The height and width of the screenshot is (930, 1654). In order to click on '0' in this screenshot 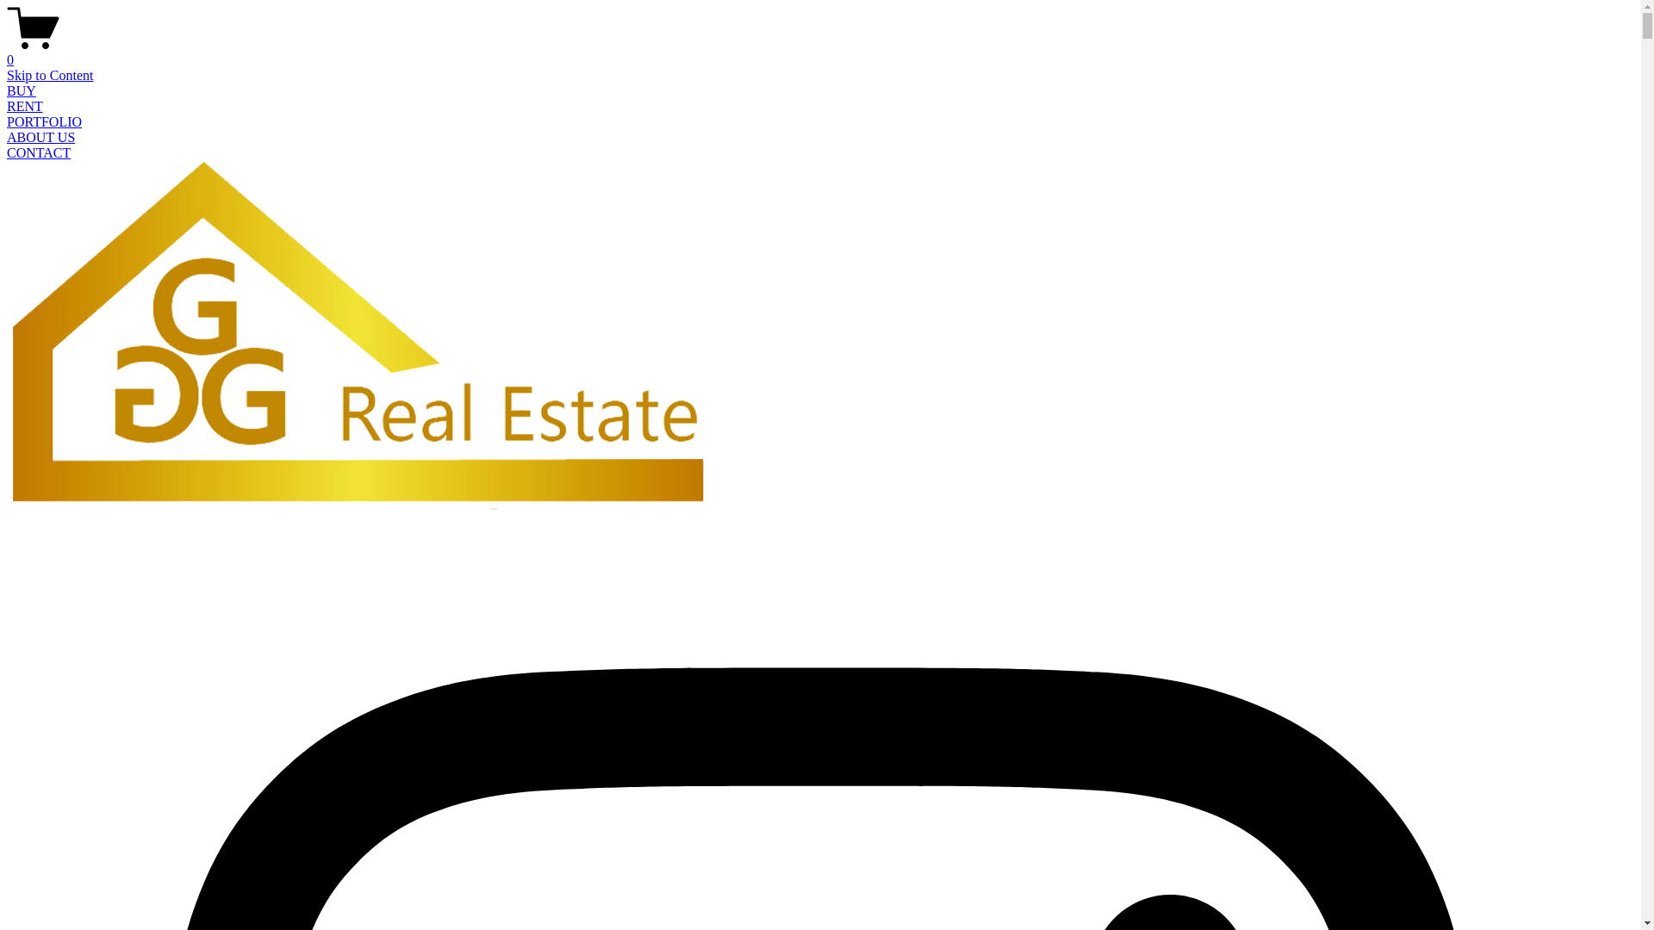, I will do `click(819, 52)`.